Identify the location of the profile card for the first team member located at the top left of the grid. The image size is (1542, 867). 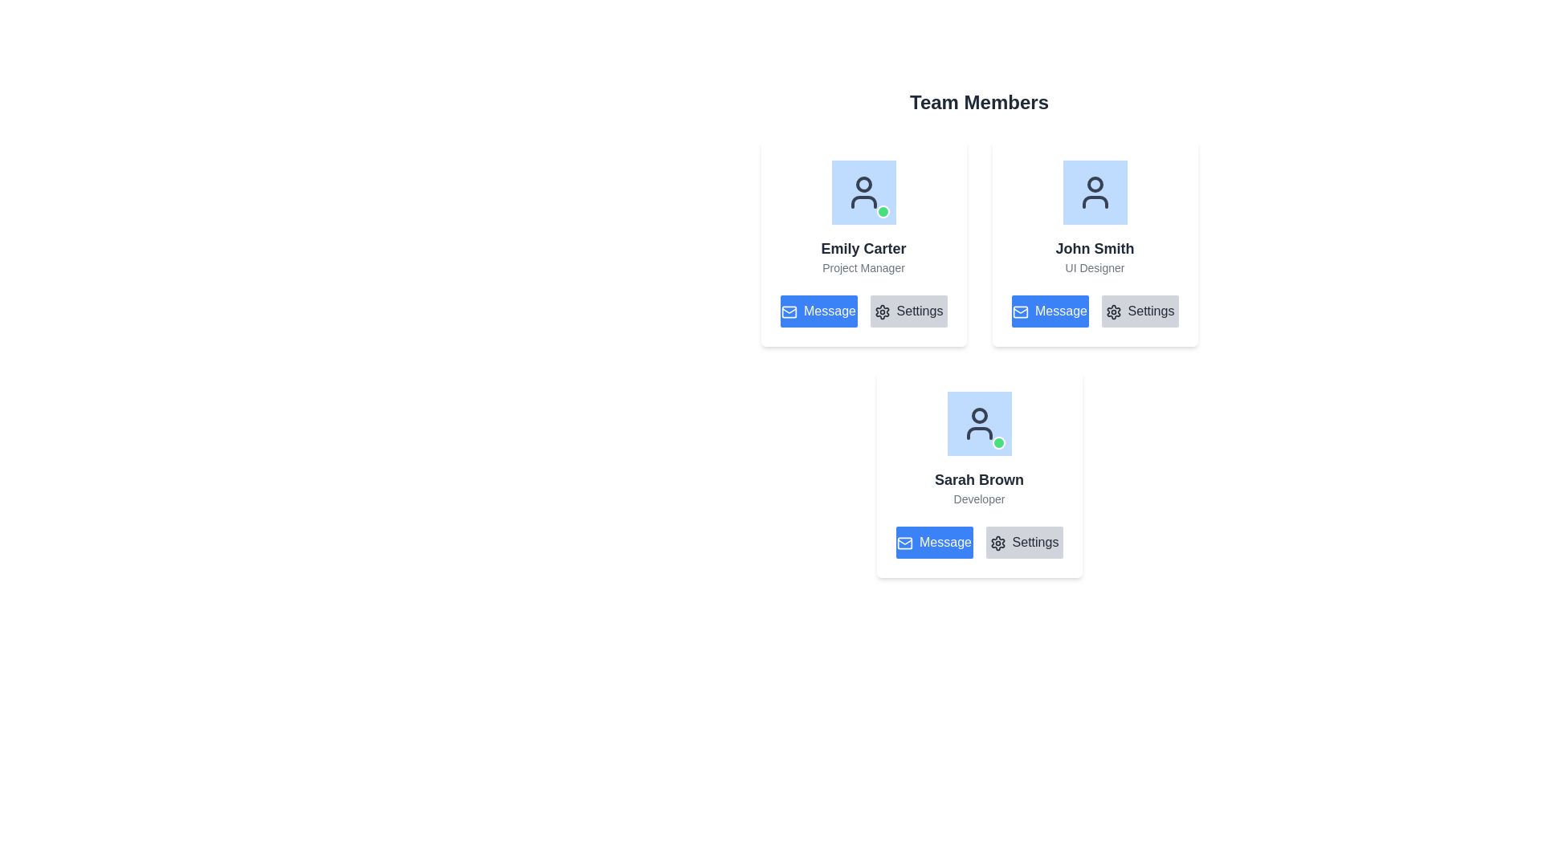
(863, 218).